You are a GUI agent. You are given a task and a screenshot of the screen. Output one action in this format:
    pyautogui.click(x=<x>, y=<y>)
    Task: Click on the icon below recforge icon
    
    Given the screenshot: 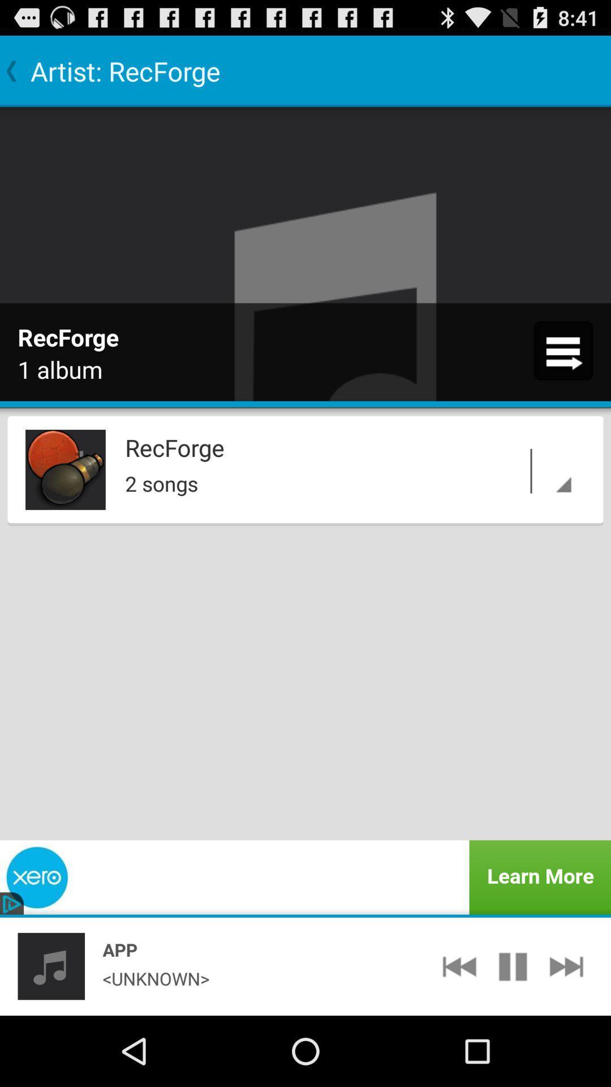 What is the action you would take?
    pyautogui.click(x=351, y=481)
    